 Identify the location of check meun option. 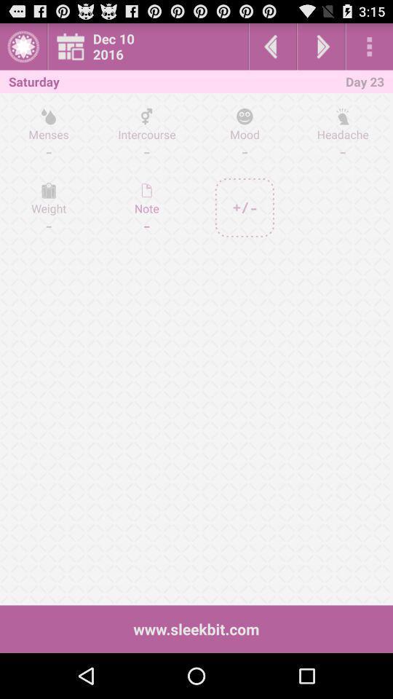
(369, 46).